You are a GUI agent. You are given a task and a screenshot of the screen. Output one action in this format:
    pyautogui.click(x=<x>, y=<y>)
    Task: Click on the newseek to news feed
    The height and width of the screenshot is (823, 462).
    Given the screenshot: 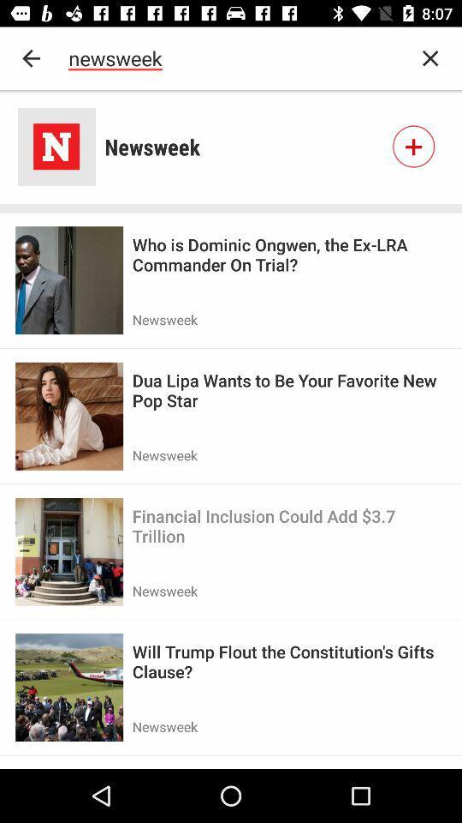 What is the action you would take?
    pyautogui.click(x=412, y=146)
    